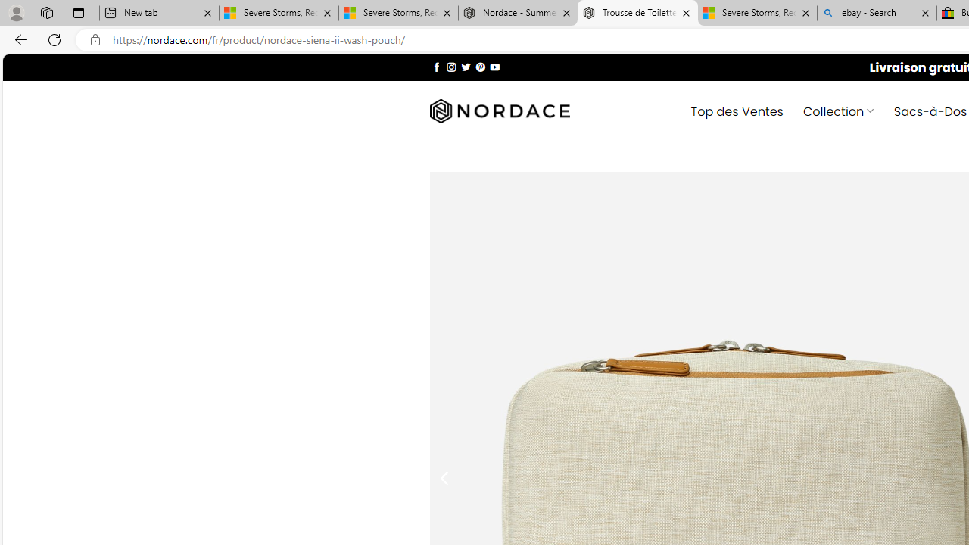 The width and height of the screenshot is (969, 545). Describe the element at coordinates (494, 66) in the screenshot. I see `'Nous suivre sur Youtube'` at that location.